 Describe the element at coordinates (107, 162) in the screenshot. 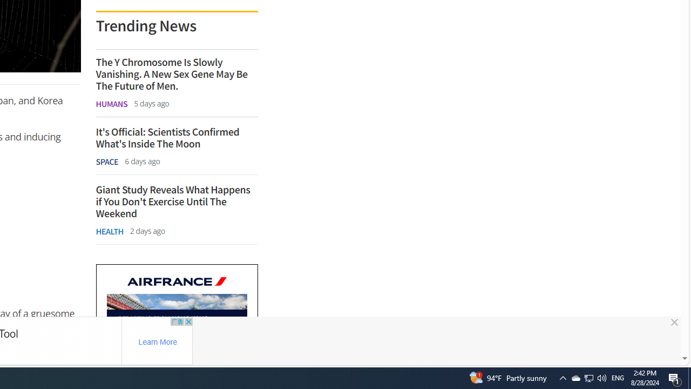

I see `'SPACE'` at that location.